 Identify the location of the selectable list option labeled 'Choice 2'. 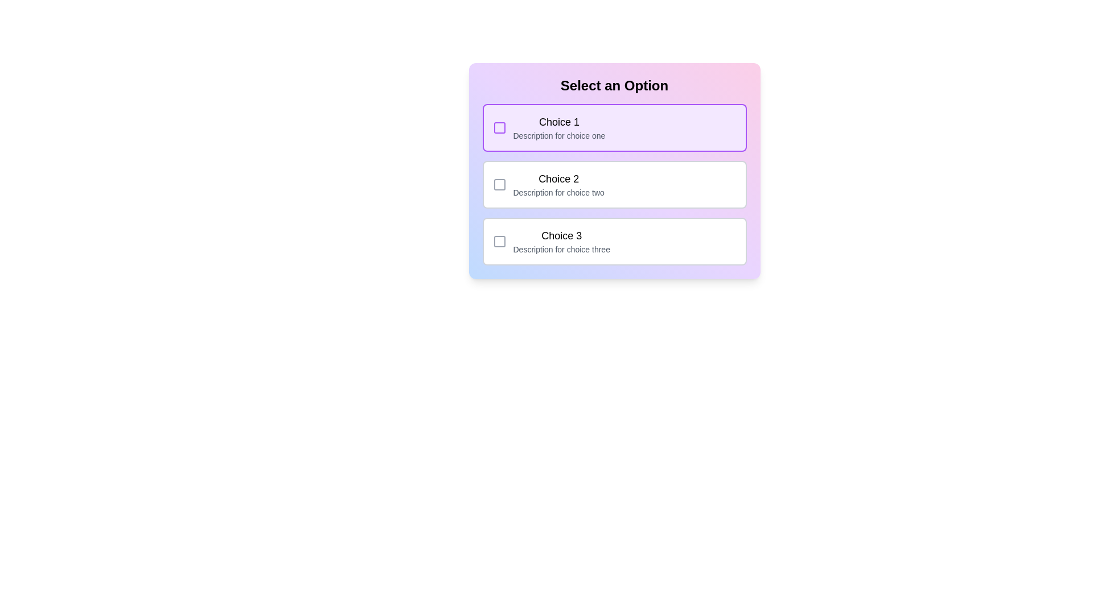
(614, 184).